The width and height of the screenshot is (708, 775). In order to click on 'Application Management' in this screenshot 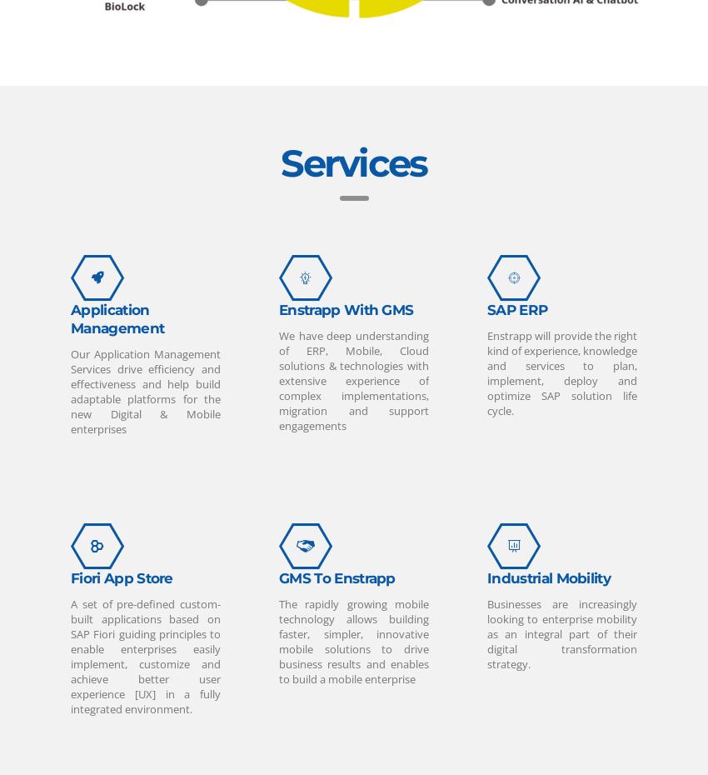, I will do `click(71, 317)`.